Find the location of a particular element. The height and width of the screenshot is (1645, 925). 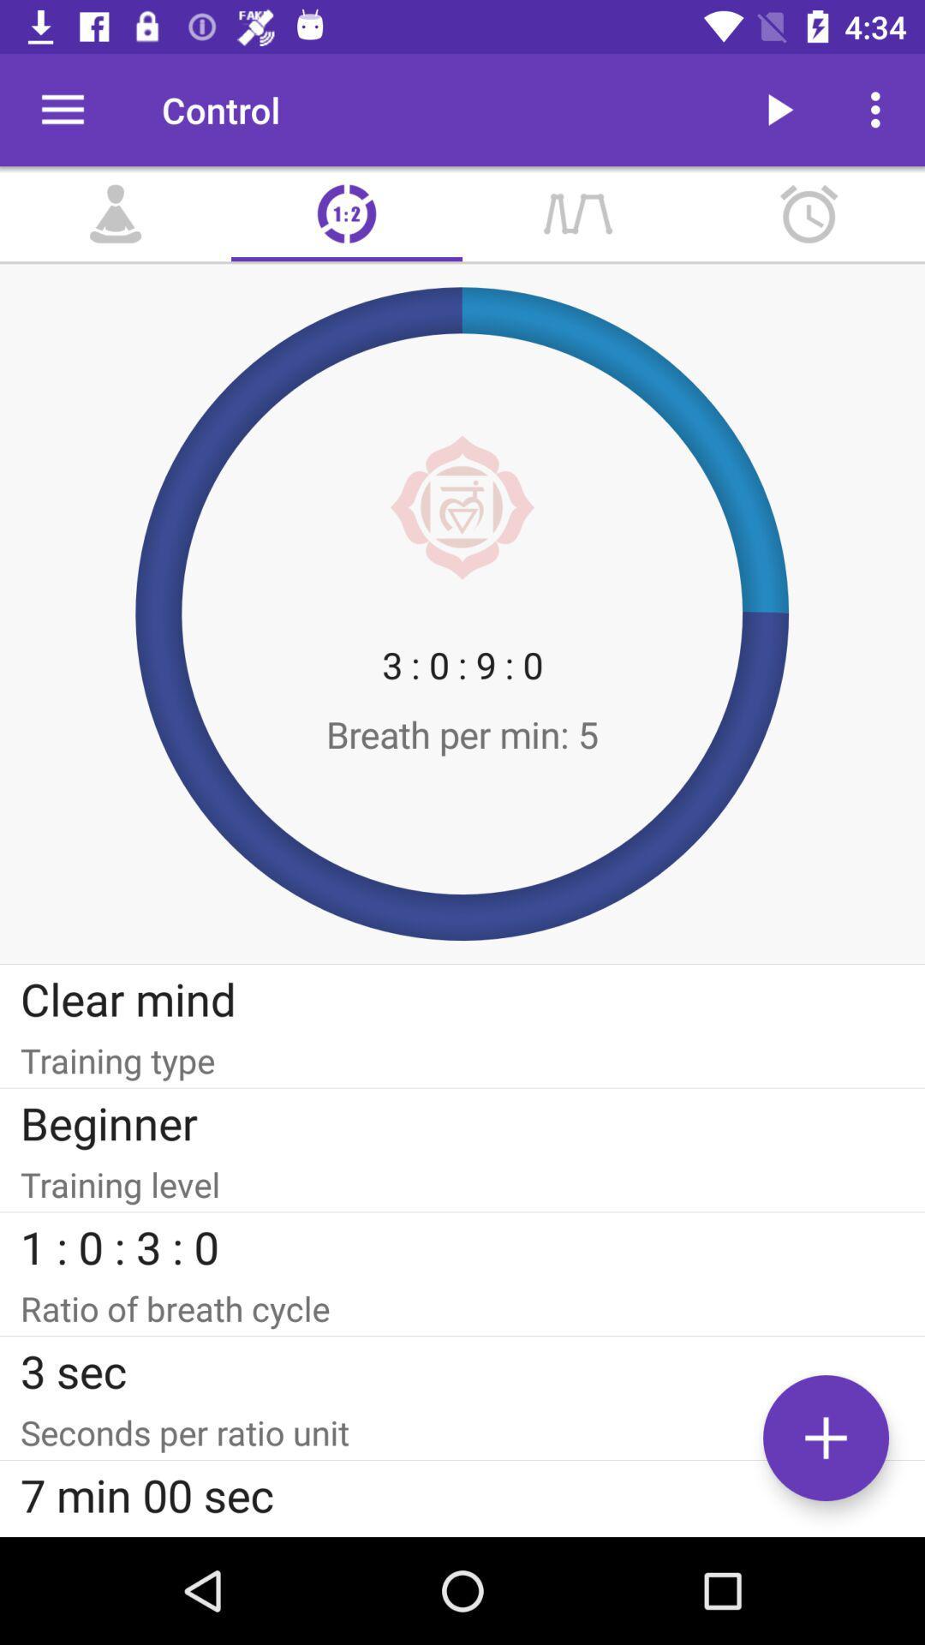

the total training duration is located at coordinates (462, 1533).